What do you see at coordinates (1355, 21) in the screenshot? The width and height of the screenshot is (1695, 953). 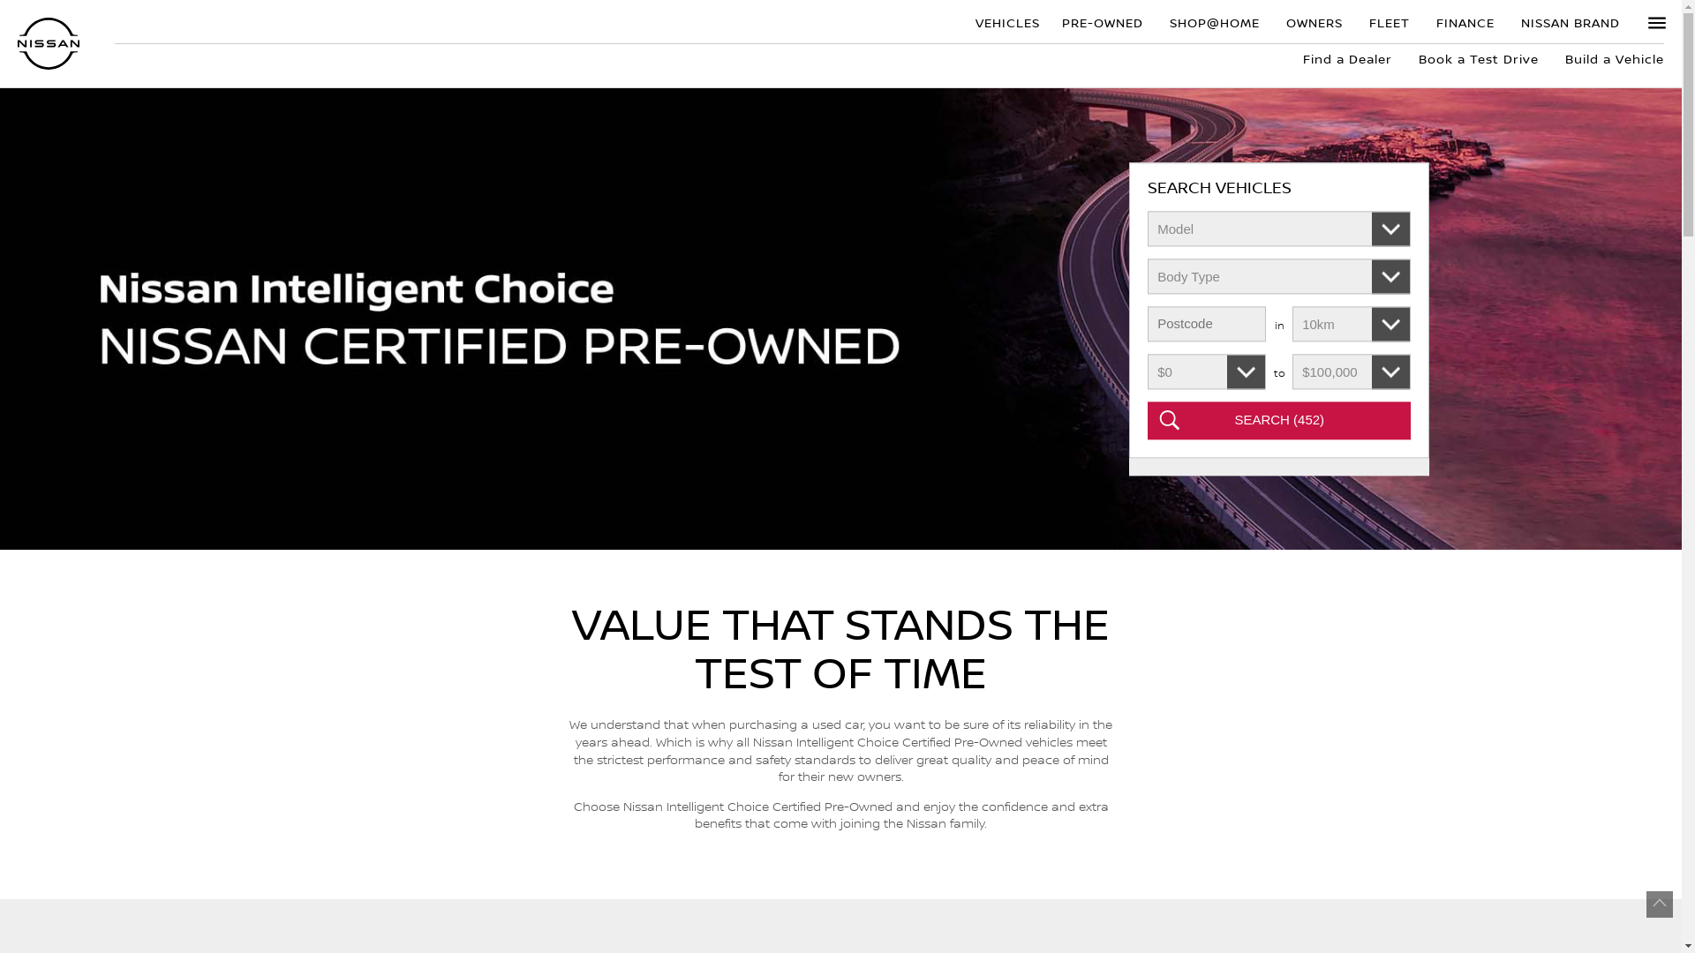 I see `'FLEET'` at bounding box center [1355, 21].